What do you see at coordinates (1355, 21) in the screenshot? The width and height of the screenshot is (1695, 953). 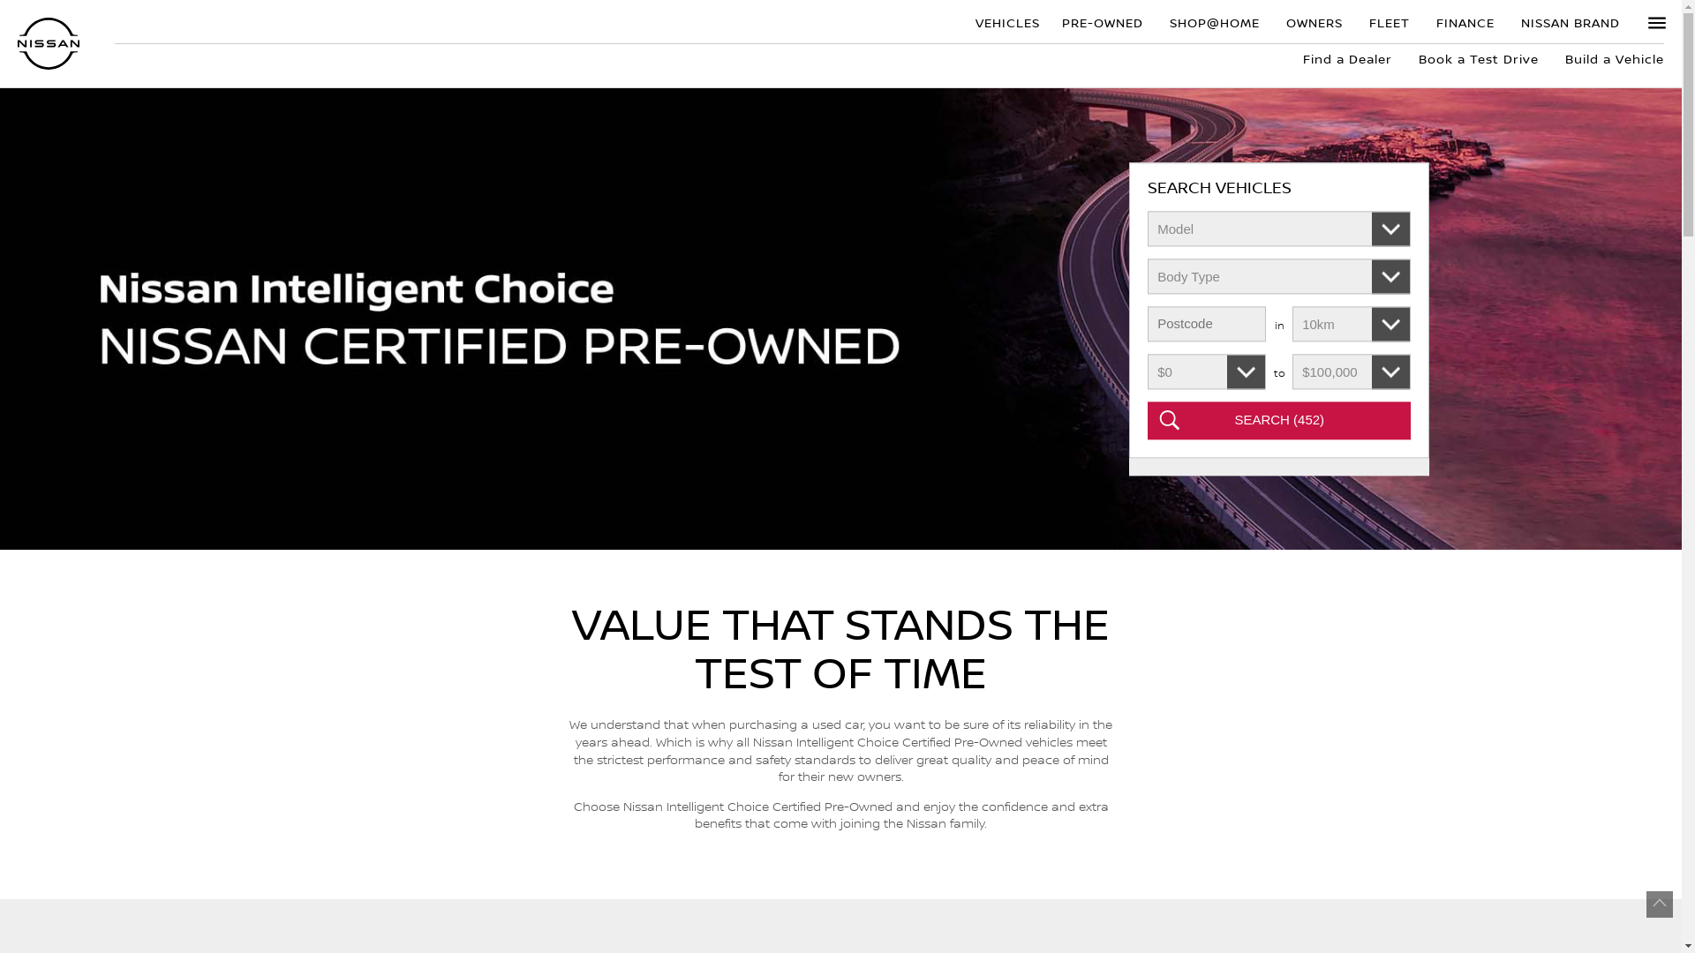 I see `'FLEET'` at bounding box center [1355, 21].